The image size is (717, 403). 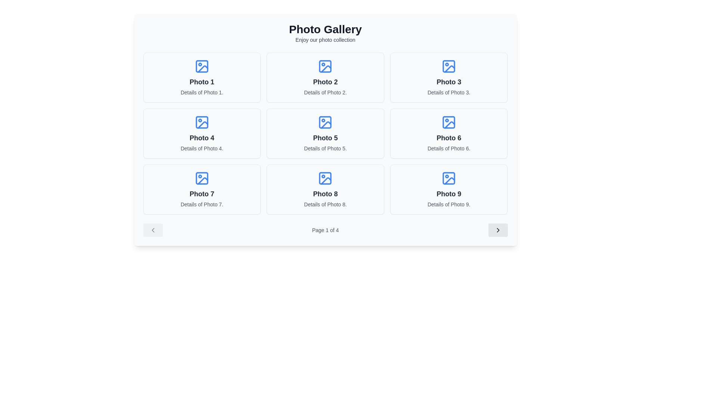 What do you see at coordinates (498, 230) in the screenshot?
I see `the rounded rectangular button with a light gray background and a rightward-facing chevron icon` at bounding box center [498, 230].